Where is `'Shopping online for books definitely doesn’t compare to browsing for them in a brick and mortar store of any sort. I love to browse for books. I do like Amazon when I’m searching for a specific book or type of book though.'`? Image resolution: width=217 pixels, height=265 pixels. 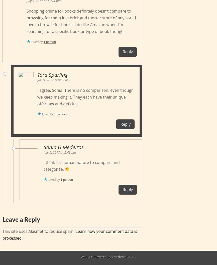 'Shopping online for books definitely doesn’t compare to browsing for them in a brick and mortar store of any sort. I love to browse for books. I do like Amazon when I’m searching for a specific book or type of book though.' is located at coordinates (81, 21).